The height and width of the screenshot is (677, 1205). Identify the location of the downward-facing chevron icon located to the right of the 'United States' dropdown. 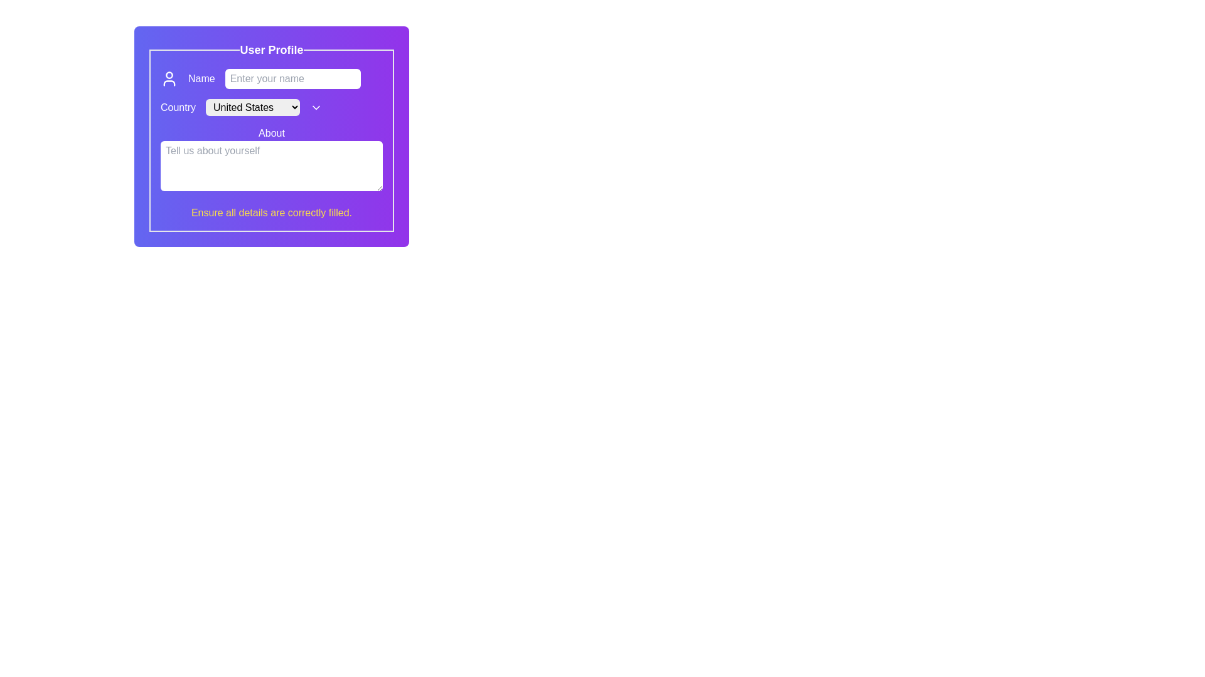
(316, 107).